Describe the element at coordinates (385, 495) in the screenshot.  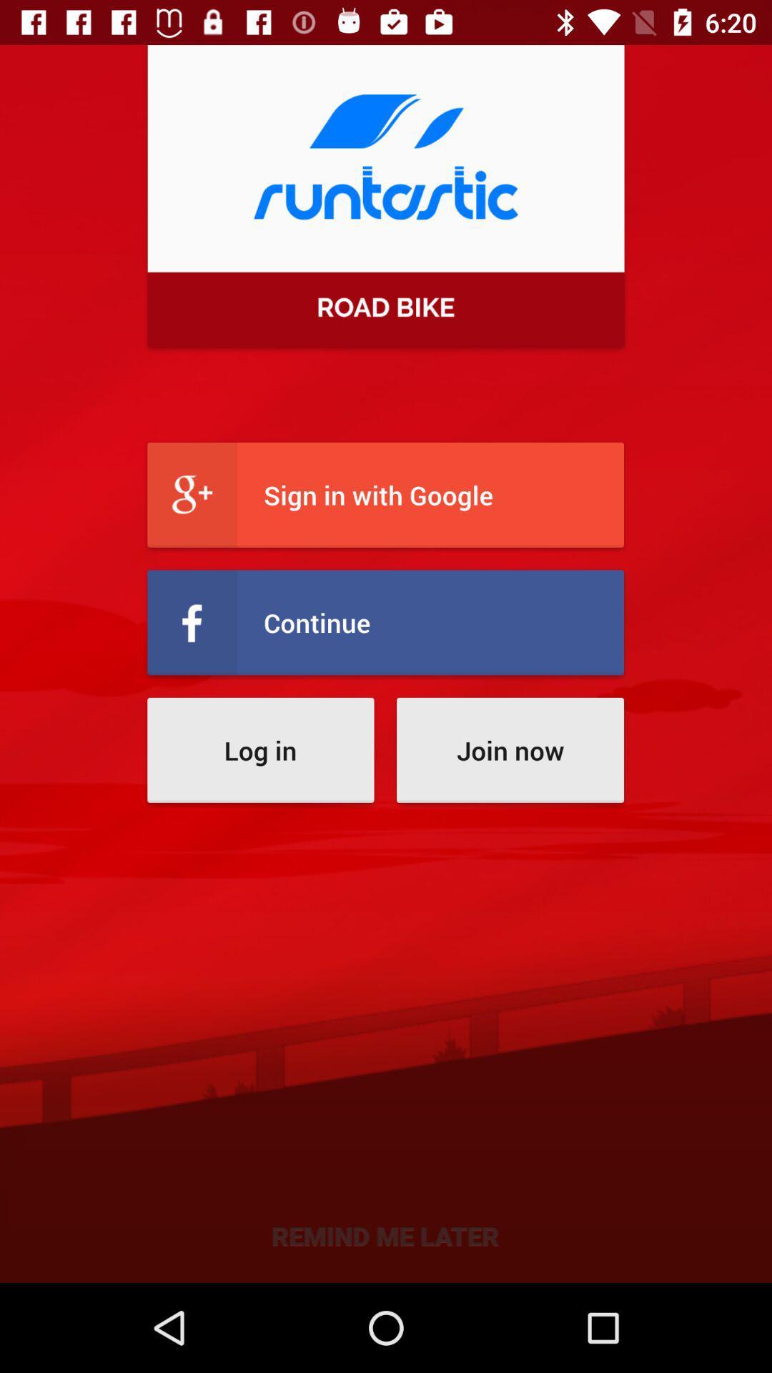
I see `sign in with` at that location.